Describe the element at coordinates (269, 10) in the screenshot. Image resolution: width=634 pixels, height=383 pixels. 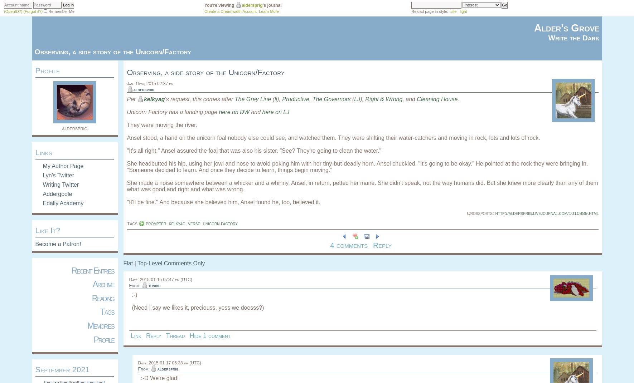
I see `'Learn More'` at that location.